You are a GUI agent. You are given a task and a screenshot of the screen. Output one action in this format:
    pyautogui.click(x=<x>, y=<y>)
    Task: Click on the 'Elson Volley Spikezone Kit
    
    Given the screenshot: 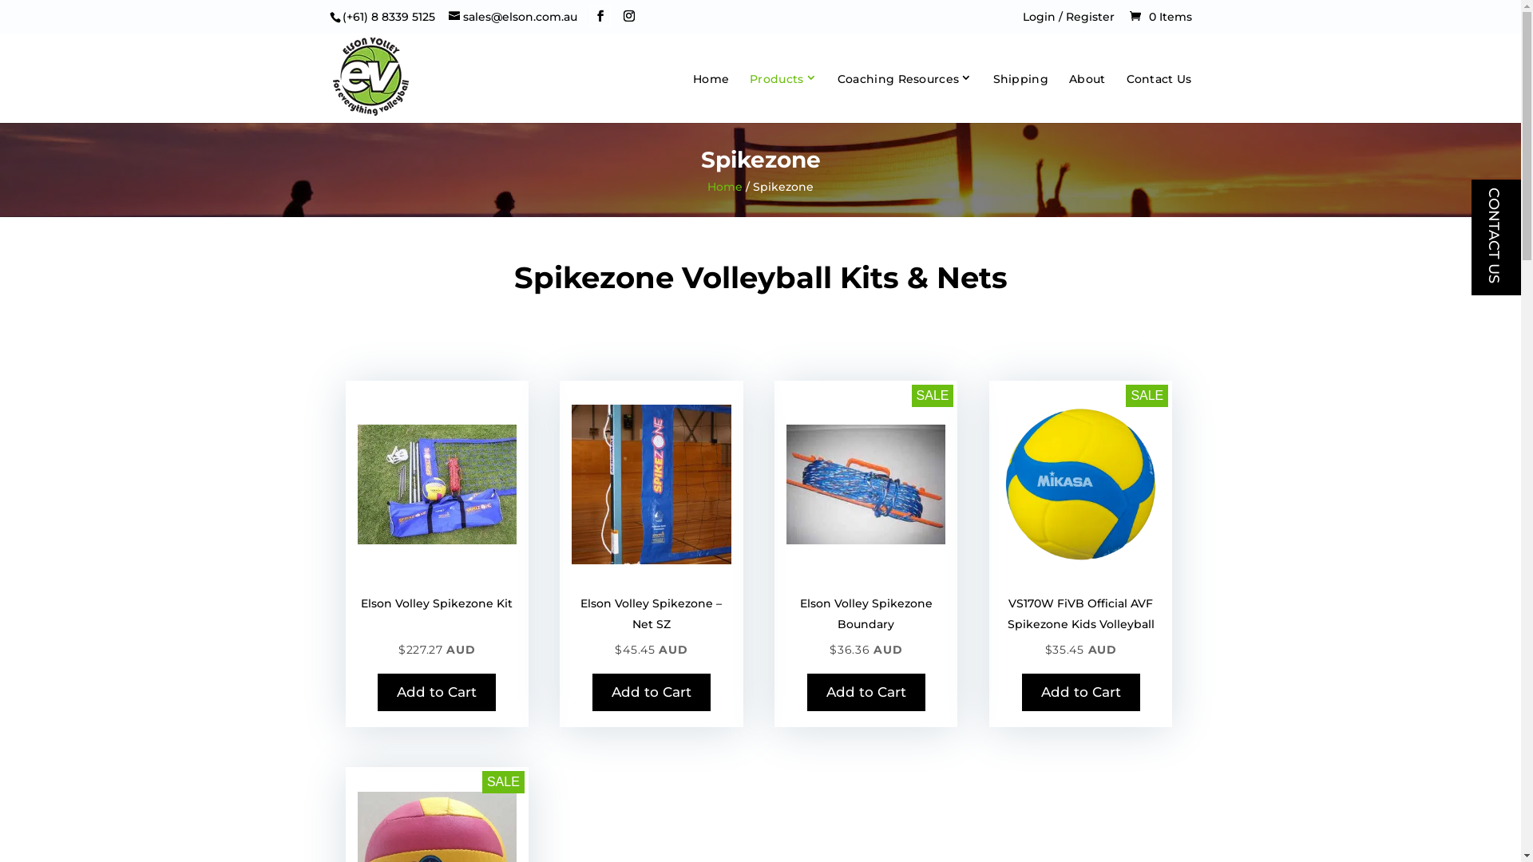 What is the action you would take?
    pyautogui.click(x=437, y=636)
    